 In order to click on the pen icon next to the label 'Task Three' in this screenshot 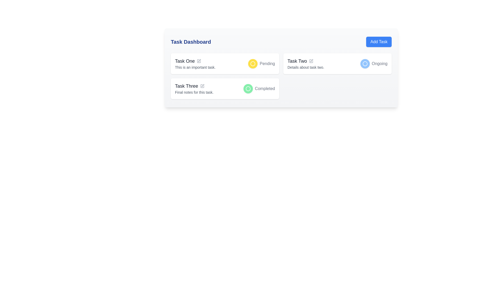, I will do `click(202, 86)`.